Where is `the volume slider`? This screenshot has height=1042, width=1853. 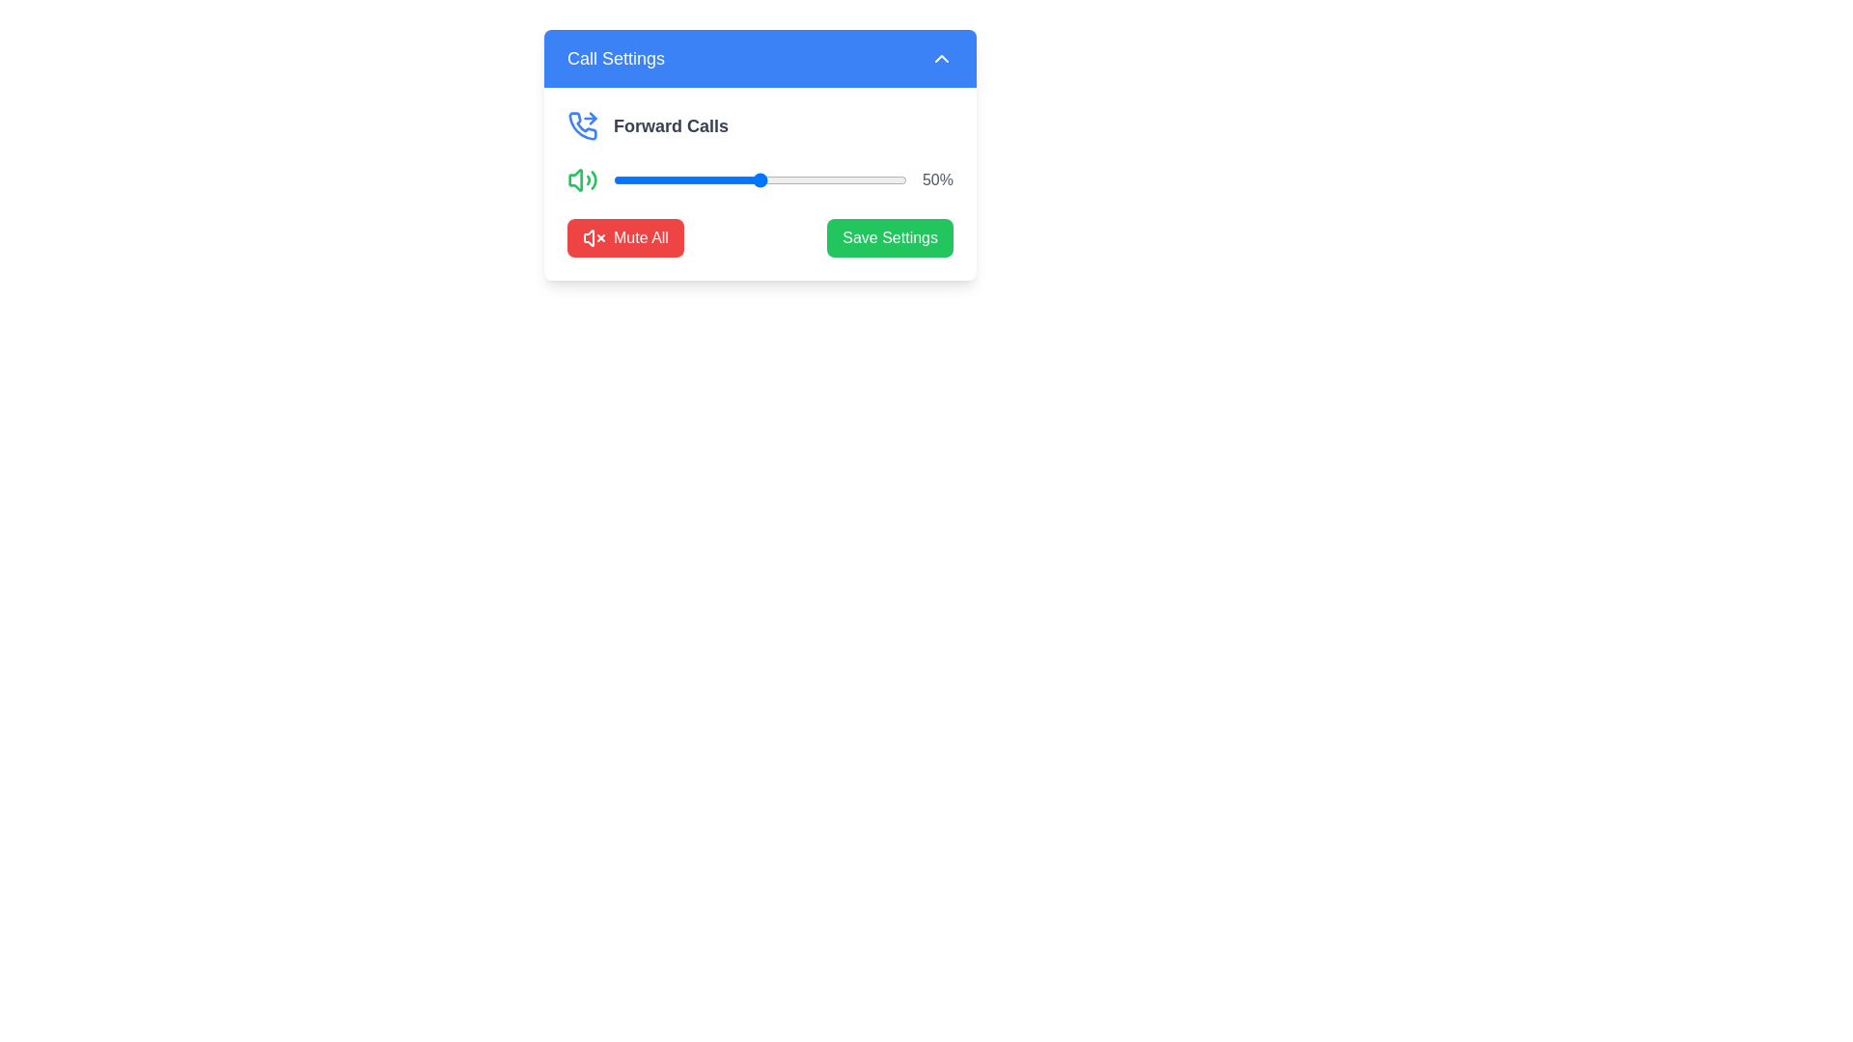 the volume slider is located at coordinates (686, 179).